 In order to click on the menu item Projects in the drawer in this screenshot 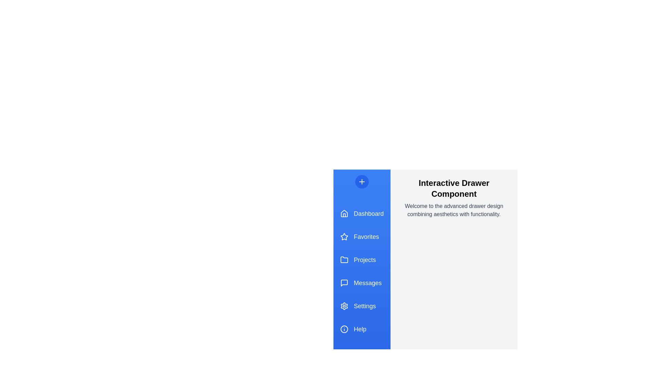, I will do `click(361, 260)`.